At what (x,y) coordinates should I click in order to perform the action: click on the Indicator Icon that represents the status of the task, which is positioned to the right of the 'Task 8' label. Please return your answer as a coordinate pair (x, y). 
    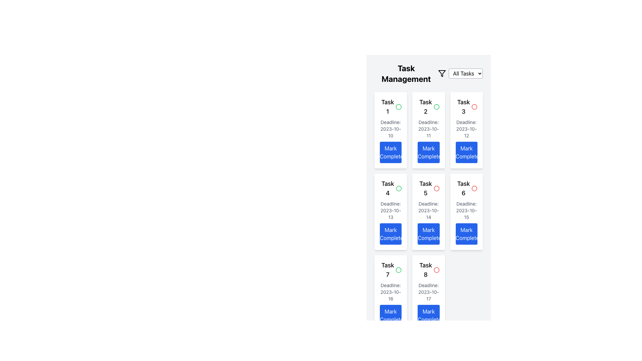
    Looking at the image, I should click on (436, 269).